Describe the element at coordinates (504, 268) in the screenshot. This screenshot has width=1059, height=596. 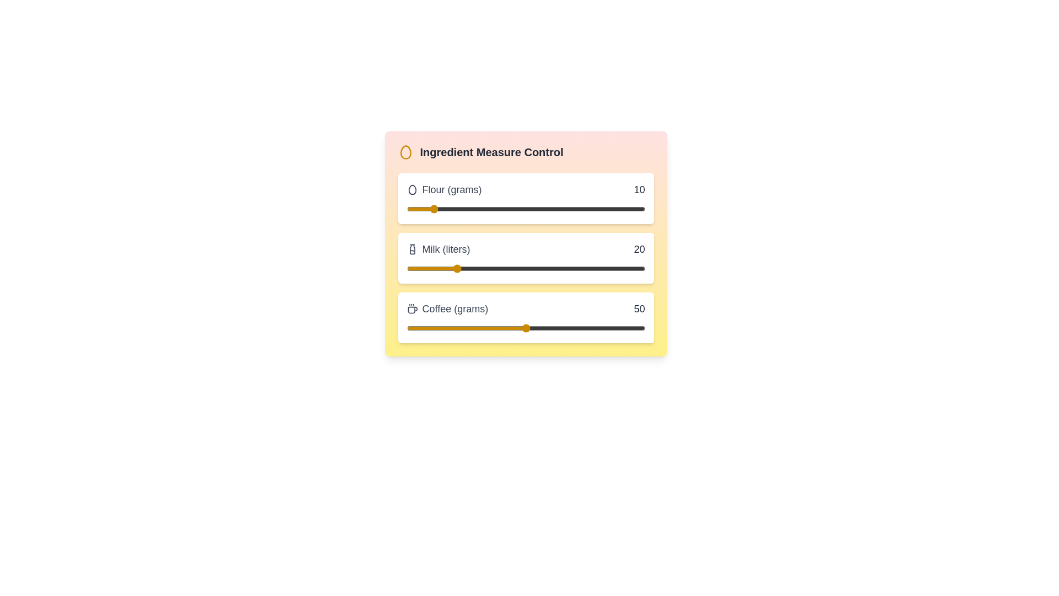
I see `the milk slider` at that location.